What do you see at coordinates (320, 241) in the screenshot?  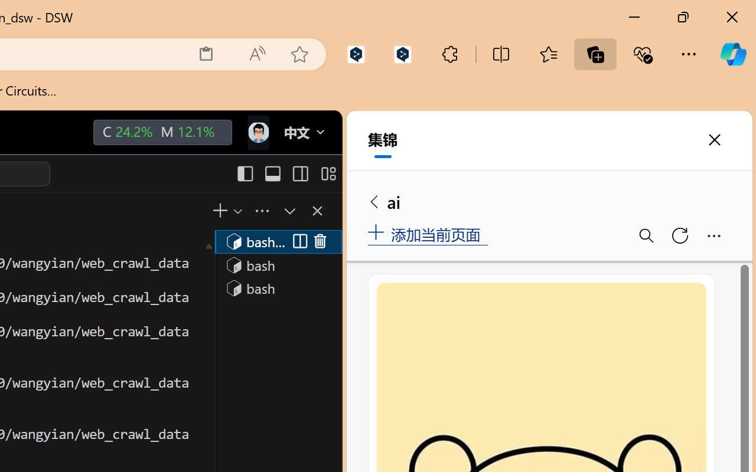 I see `'Kill (Delete)'` at bounding box center [320, 241].